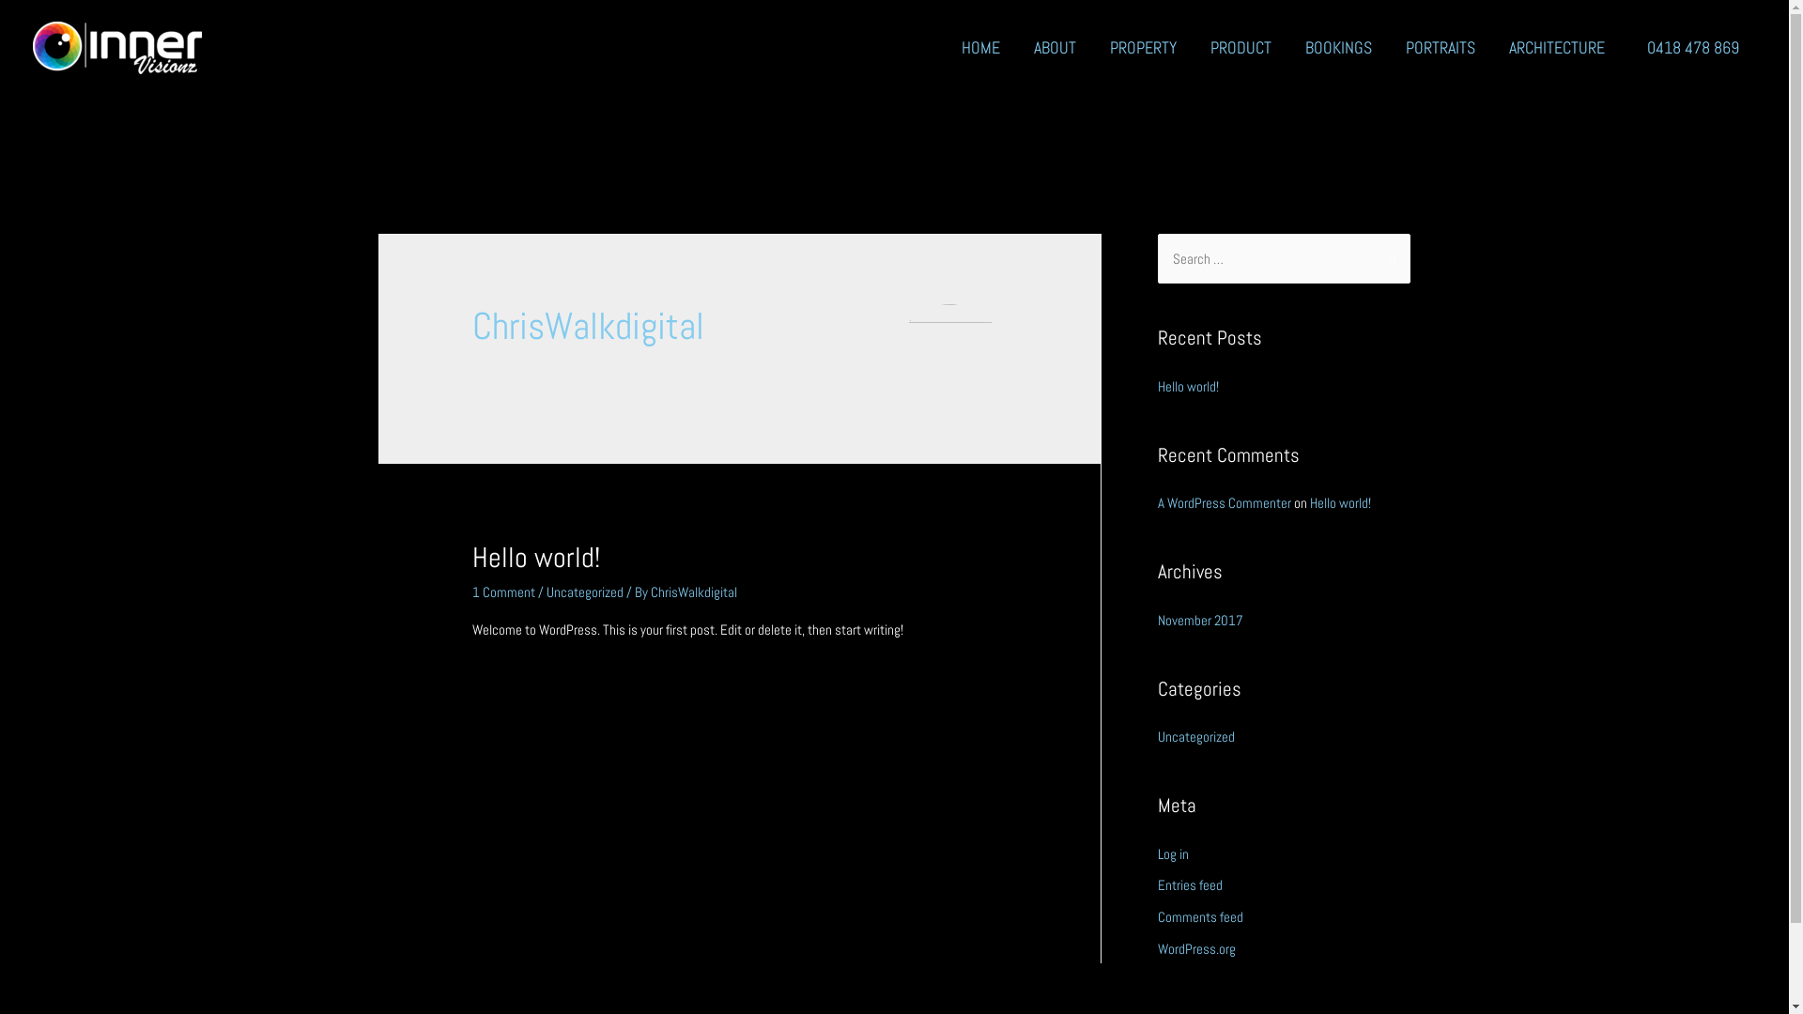 The height and width of the screenshot is (1014, 1803). Describe the element at coordinates (979, 46) in the screenshot. I see `'HOME'` at that location.